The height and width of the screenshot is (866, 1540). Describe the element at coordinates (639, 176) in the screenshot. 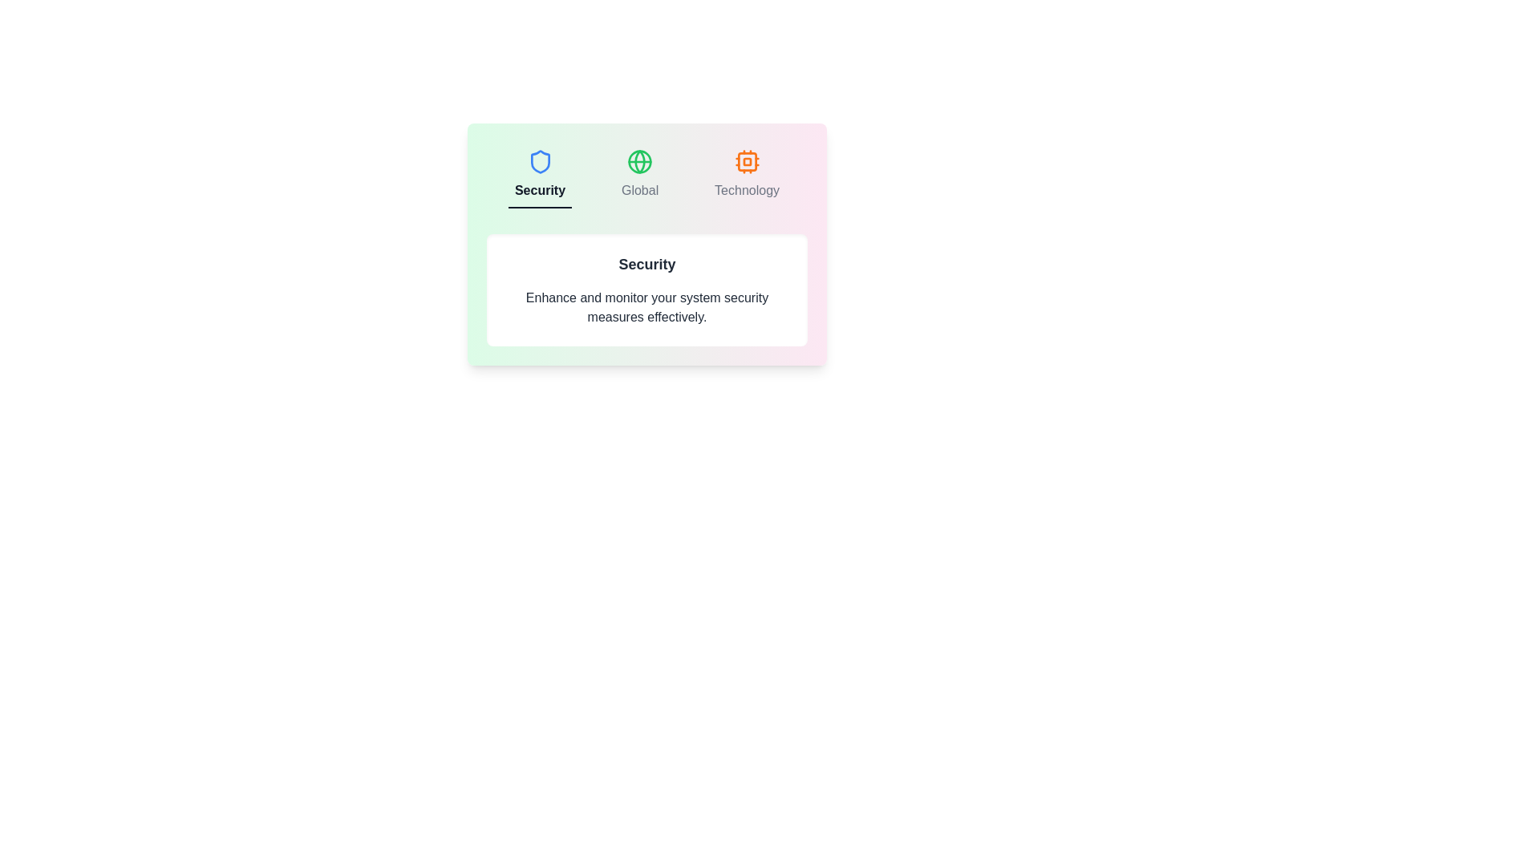

I see `the Global tab` at that location.